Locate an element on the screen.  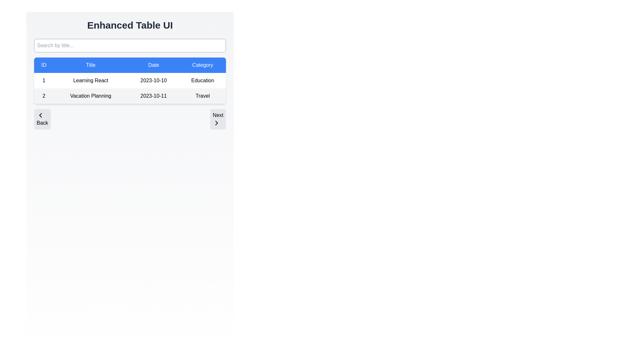
the 'Date' table header label, which is the third header in a row of four, styled with medium font weight against a blue background is located at coordinates (153, 65).